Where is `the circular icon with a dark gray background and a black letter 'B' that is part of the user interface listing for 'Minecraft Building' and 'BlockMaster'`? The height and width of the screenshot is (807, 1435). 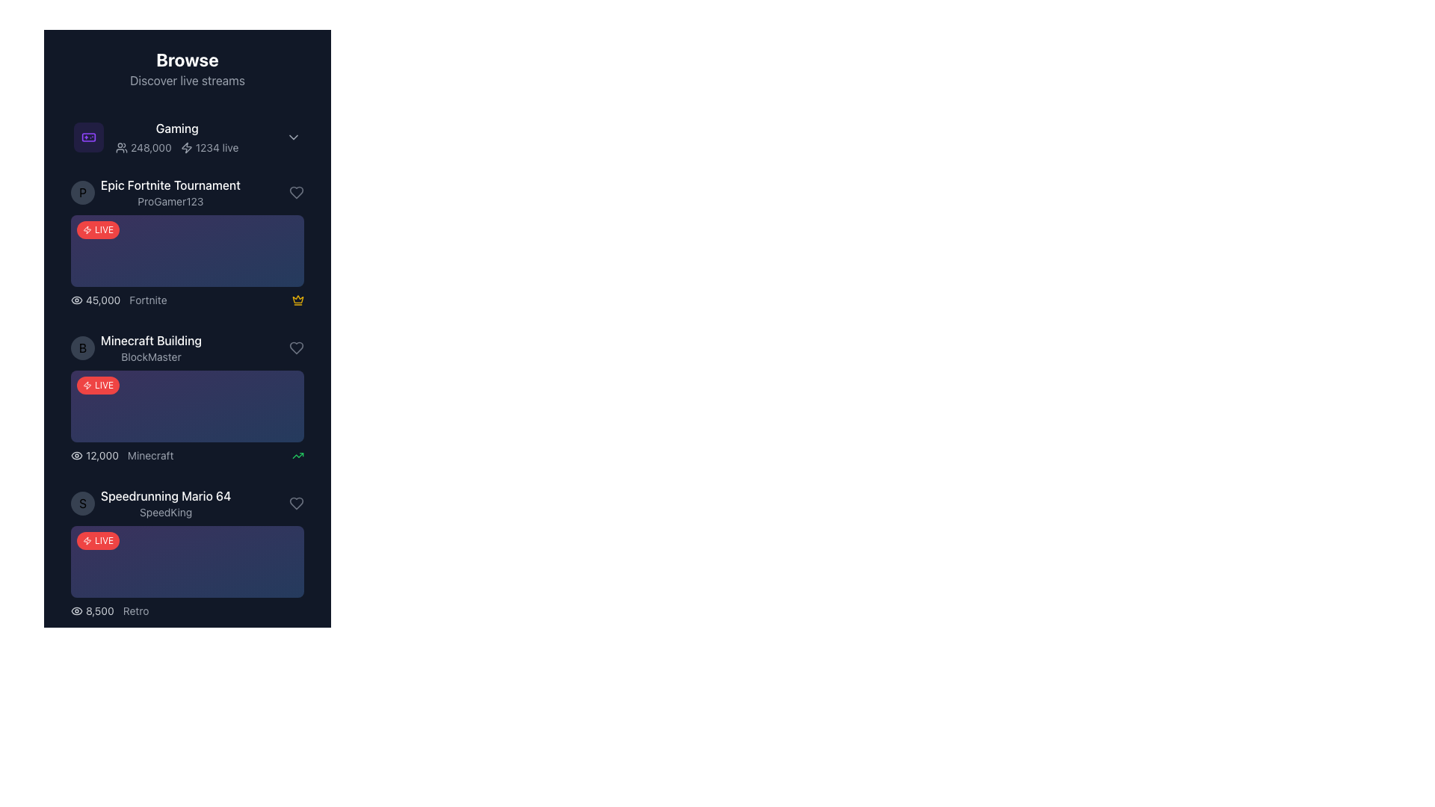 the circular icon with a dark gray background and a black letter 'B' that is part of the user interface listing for 'Minecraft Building' and 'BlockMaster' is located at coordinates (81, 348).